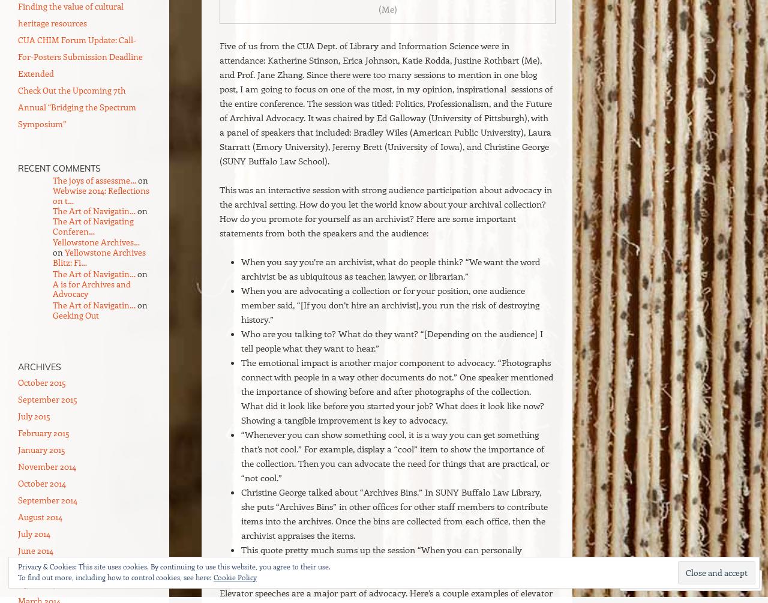 The image size is (768, 603). Describe the element at coordinates (41, 449) in the screenshot. I see `'January 2015'` at that location.